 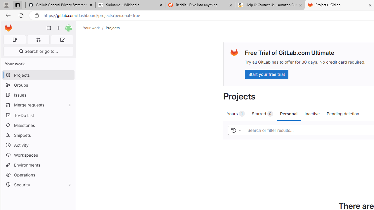 What do you see at coordinates (38, 185) in the screenshot?
I see `'Security'` at bounding box center [38, 185].